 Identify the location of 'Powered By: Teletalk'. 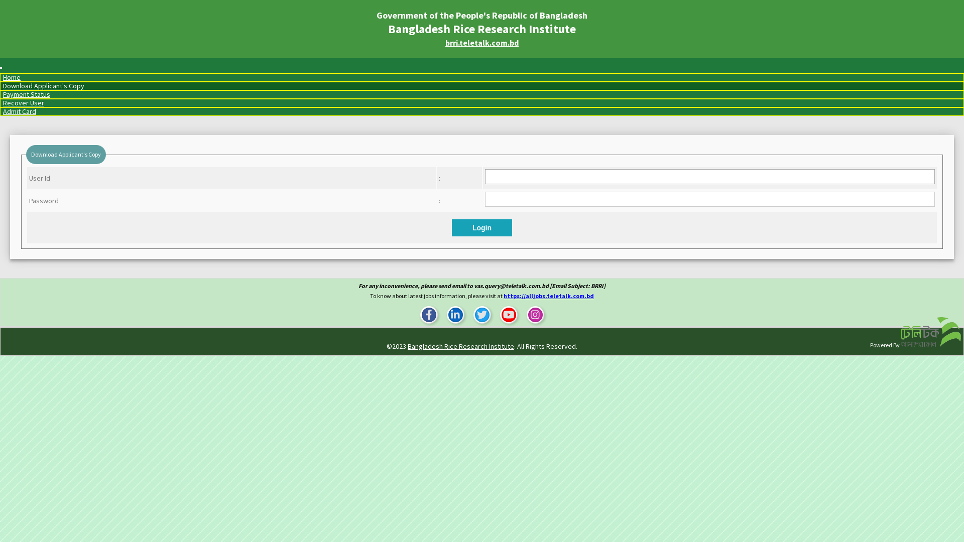
(930, 332).